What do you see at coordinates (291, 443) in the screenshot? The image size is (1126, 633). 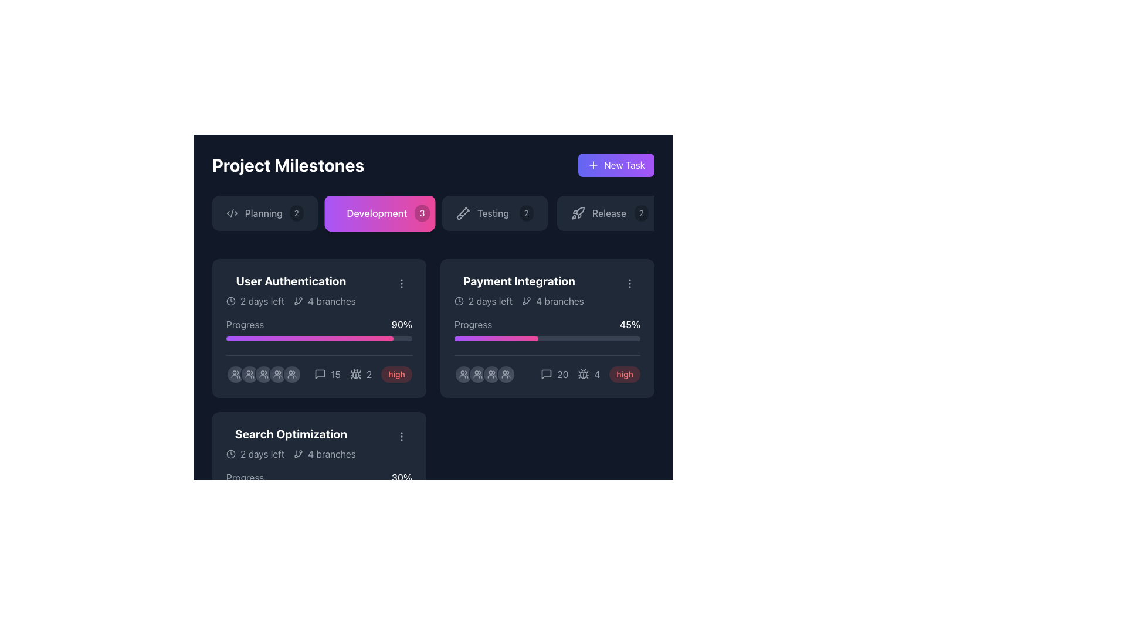 I see `the 'Search Optimization' text in the card located in the third row and first column of the grid under the 'Development' header to focus on it` at bounding box center [291, 443].